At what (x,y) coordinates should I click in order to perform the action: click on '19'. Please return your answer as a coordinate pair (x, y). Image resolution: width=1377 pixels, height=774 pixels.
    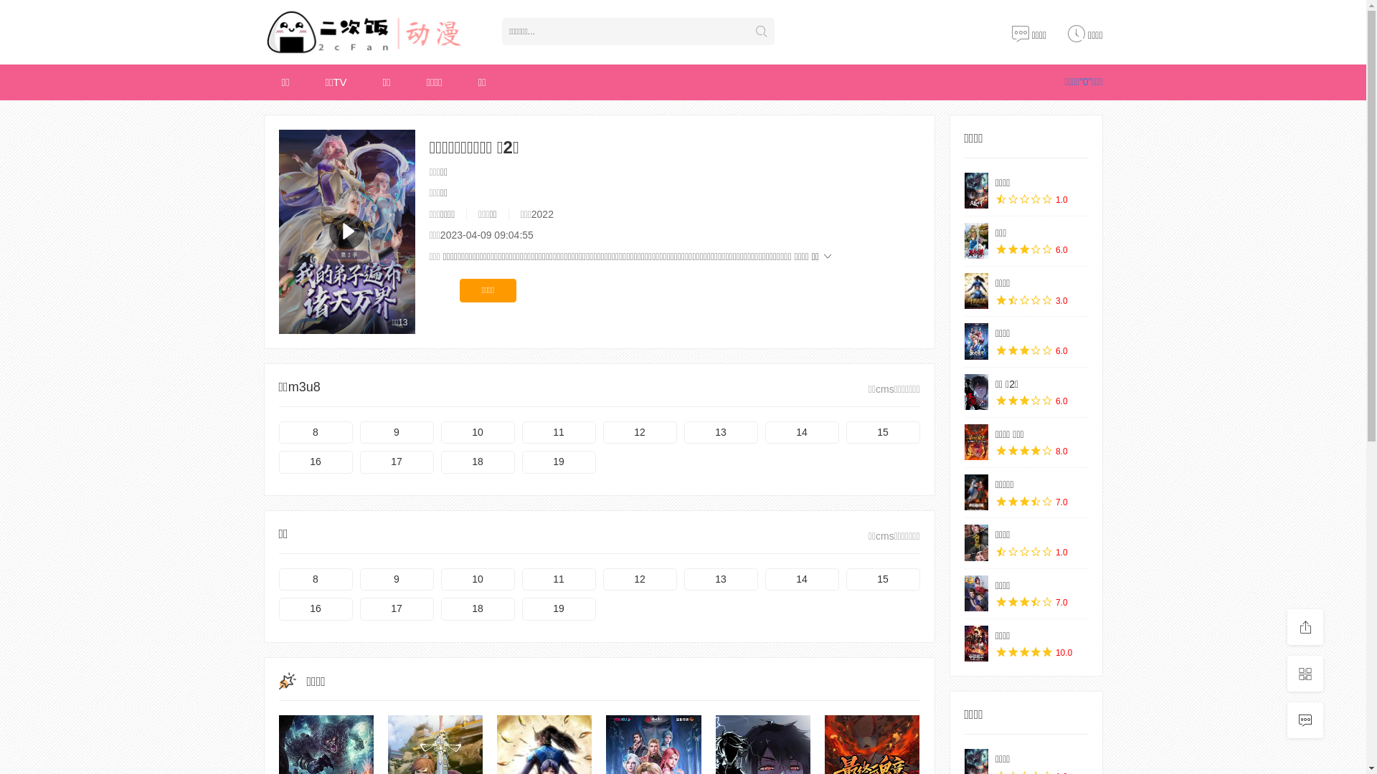
    Looking at the image, I should click on (521, 608).